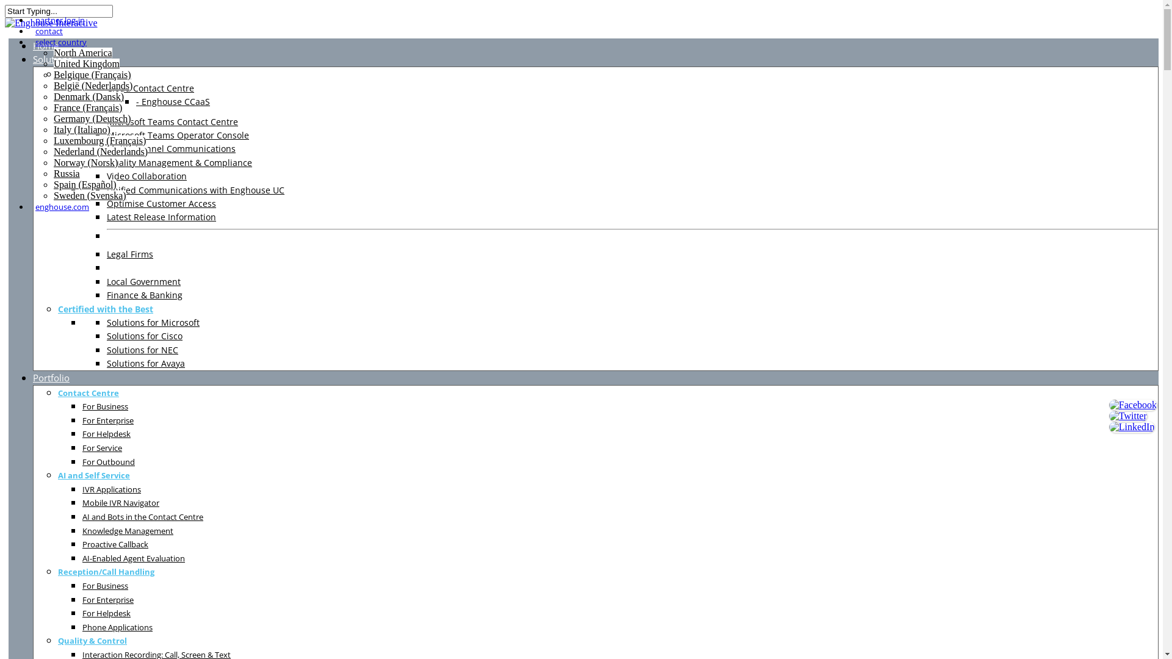 The width and height of the screenshot is (1172, 659). Describe the element at coordinates (195, 190) in the screenshot. I see `'Unified Communications with Enghouse UC'` at that location.